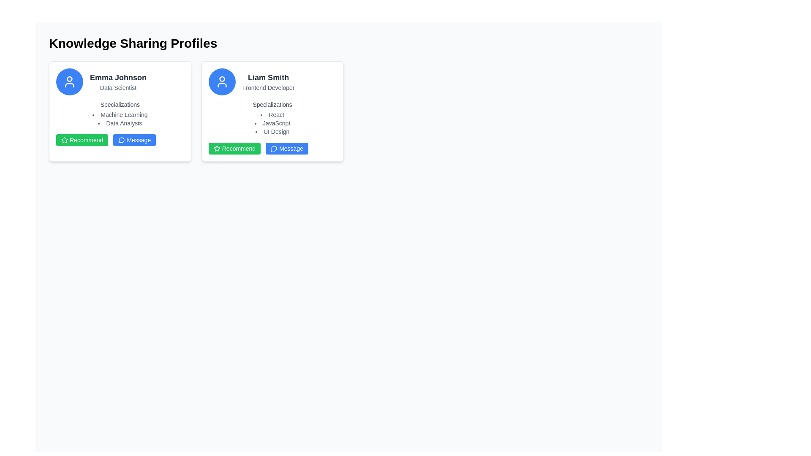 This screenshot has width=811, height=456. I want to click on the head element of the user avatar icon for 'Liam Smith', which is part of the profile card and visually represented as a shape within a blue circle, so click(222, 79).